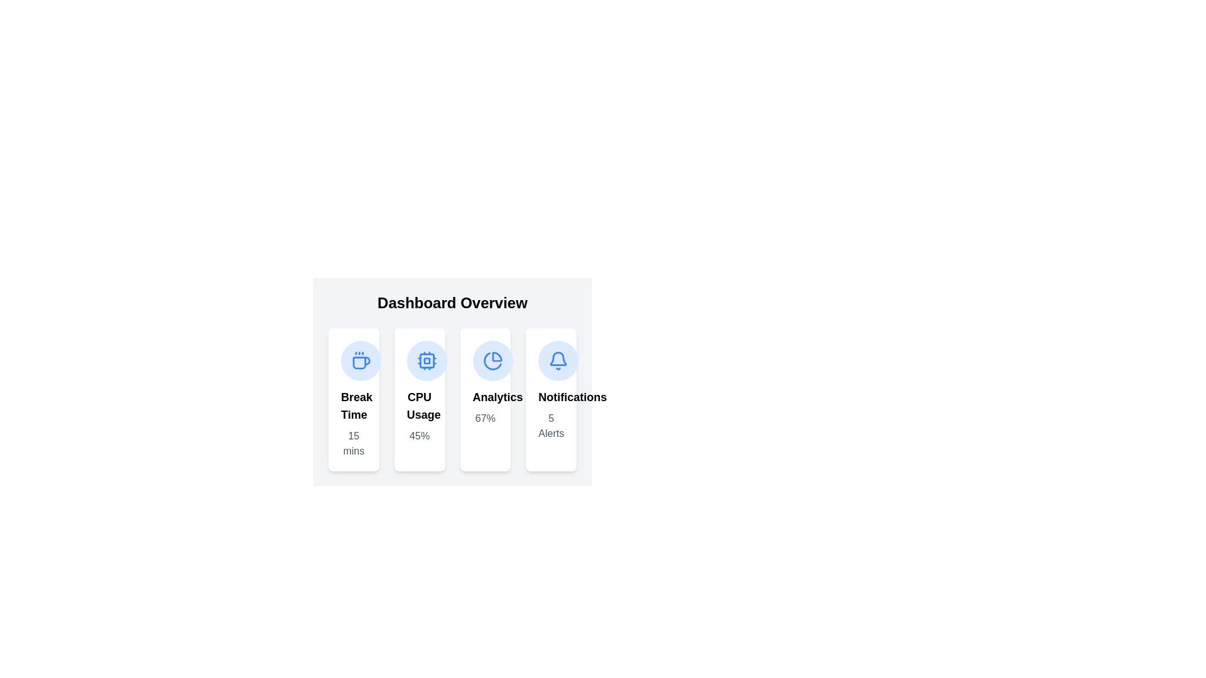  Describe the element at coordinates (551, 414) in the screenshot. I see `the '5 Alerts' text label in the Notifications section, which is located at the bottom of the fourth card in a row of four cards` at that location.